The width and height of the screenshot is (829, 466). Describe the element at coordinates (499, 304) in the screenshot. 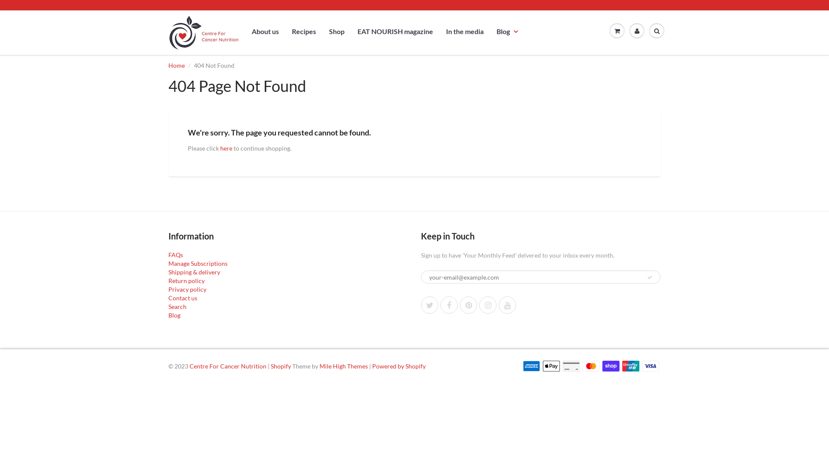

I see `'YouTube'` at that location.